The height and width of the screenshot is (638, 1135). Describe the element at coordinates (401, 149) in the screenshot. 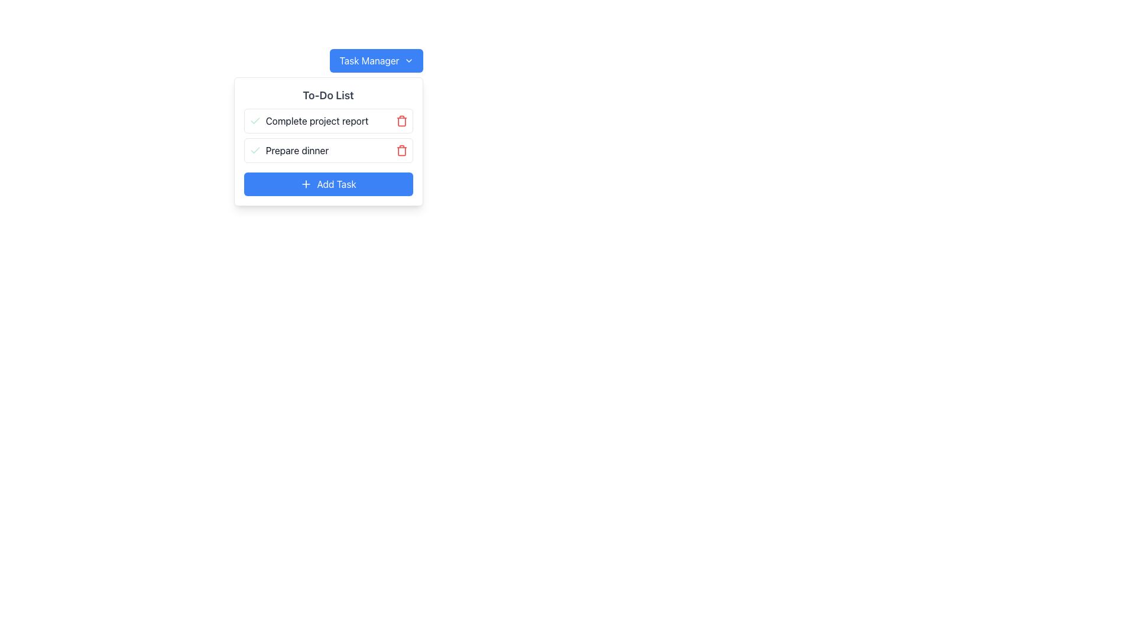

I see `the red trash icon button located to the right of the 'Prepare dinner' task label` at that location.